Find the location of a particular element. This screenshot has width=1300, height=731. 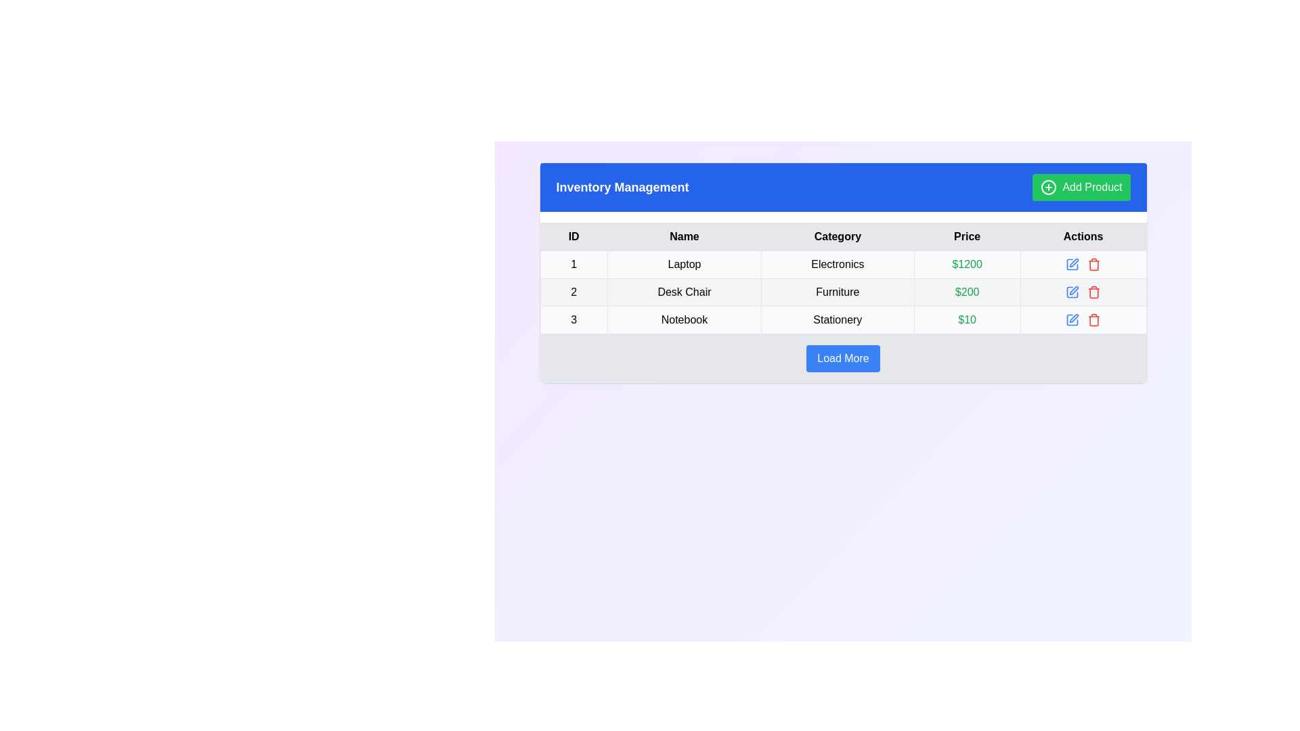

text within the centrally aligned table displaying items with headers 'ID', 'Name', 'Category', 'Price', and 'Actions' is located at coordinates (842, 278).